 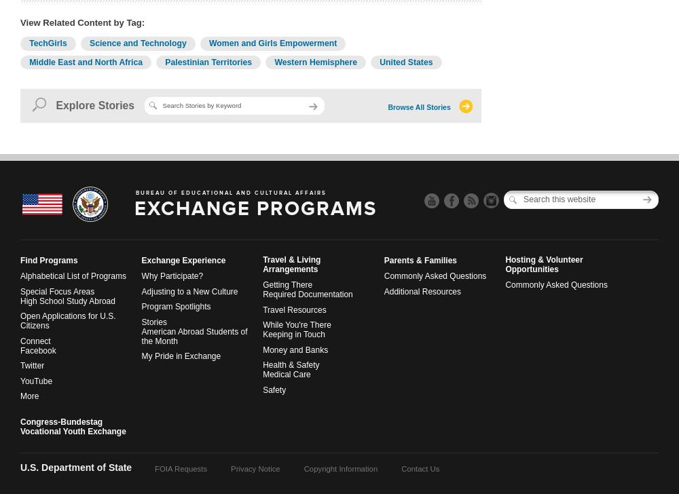 I want to click on 'Keeping in Touch', so click(x=263, y=335).